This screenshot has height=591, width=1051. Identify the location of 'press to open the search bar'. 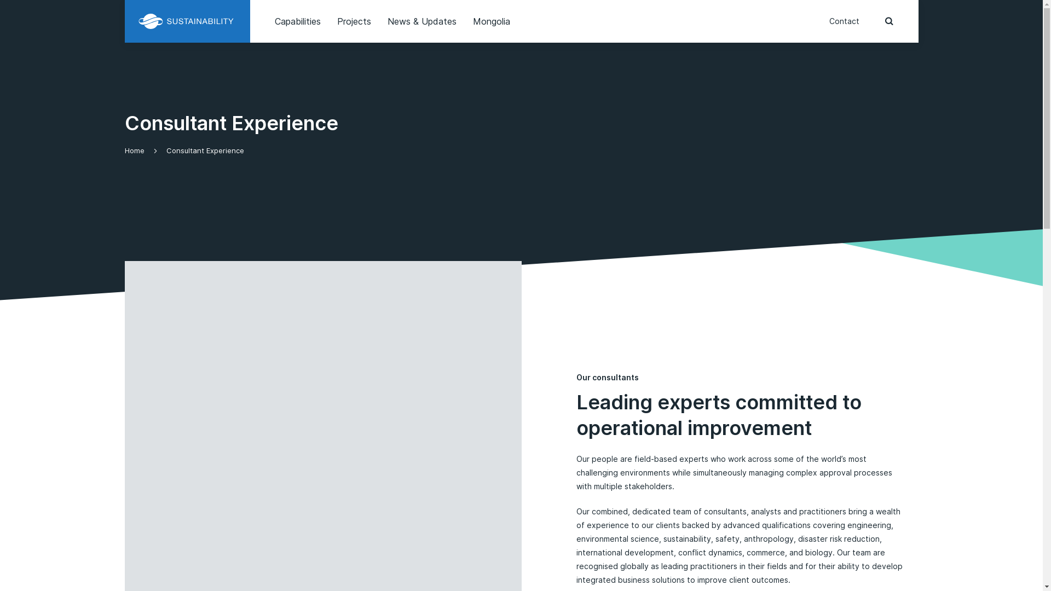
(888, 21).